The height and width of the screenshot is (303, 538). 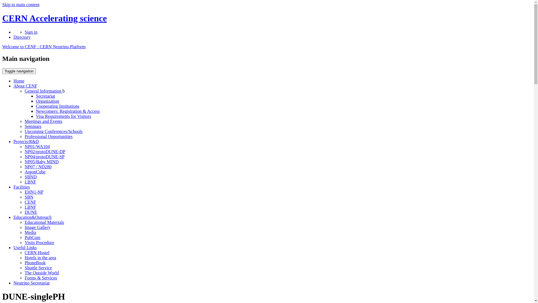 What do you see at coordinates (25, 86) in the screenshot?
I see `'About CENF'` at bounding box center [25, 86].